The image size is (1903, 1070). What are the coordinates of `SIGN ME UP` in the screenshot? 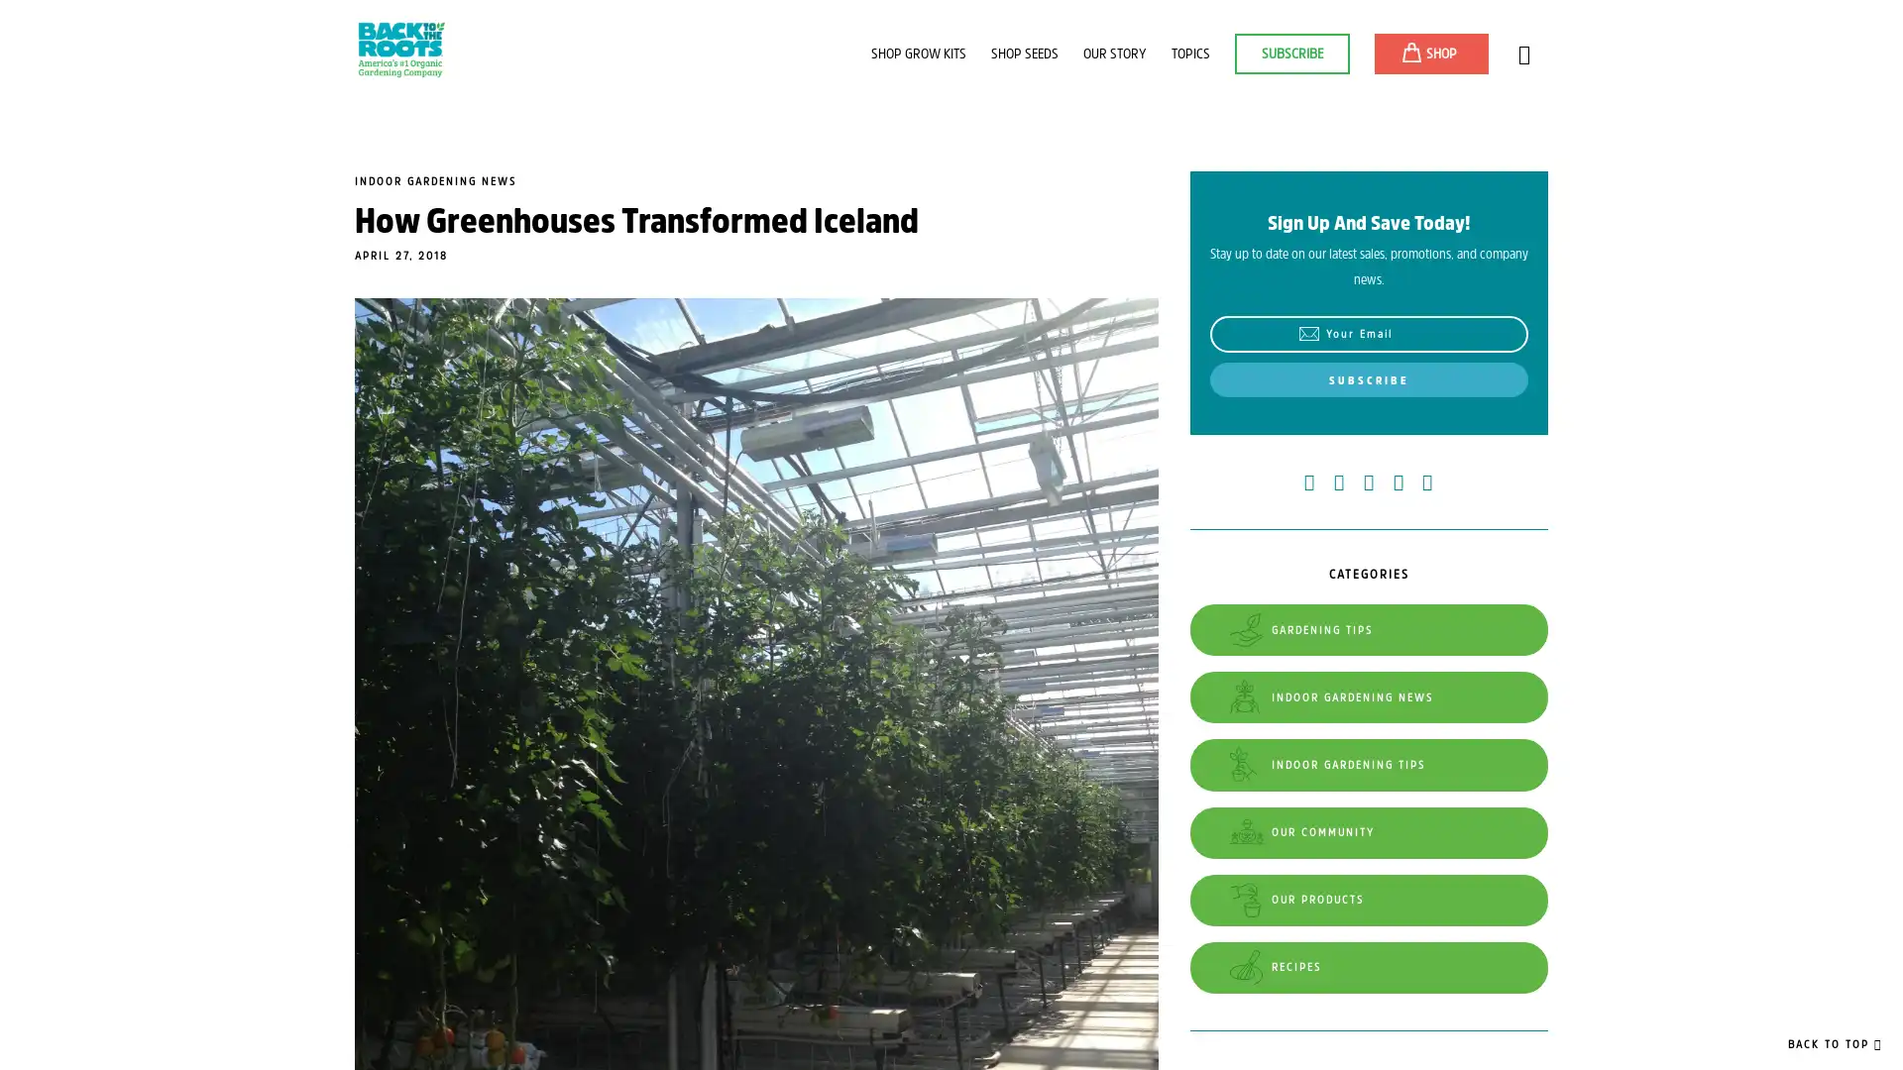 It's located at (1653, 39).